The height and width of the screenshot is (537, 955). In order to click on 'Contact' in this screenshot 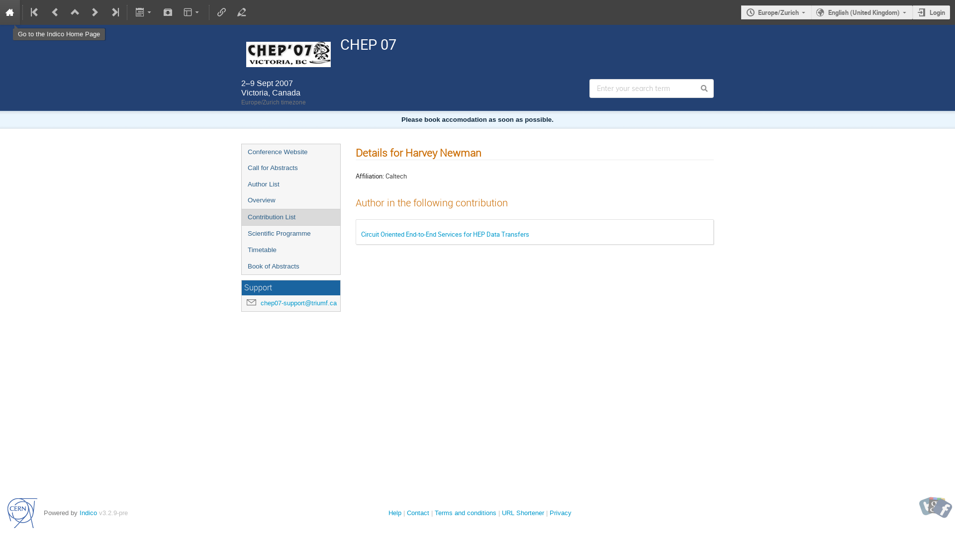, I will do `click(406, 513)`.